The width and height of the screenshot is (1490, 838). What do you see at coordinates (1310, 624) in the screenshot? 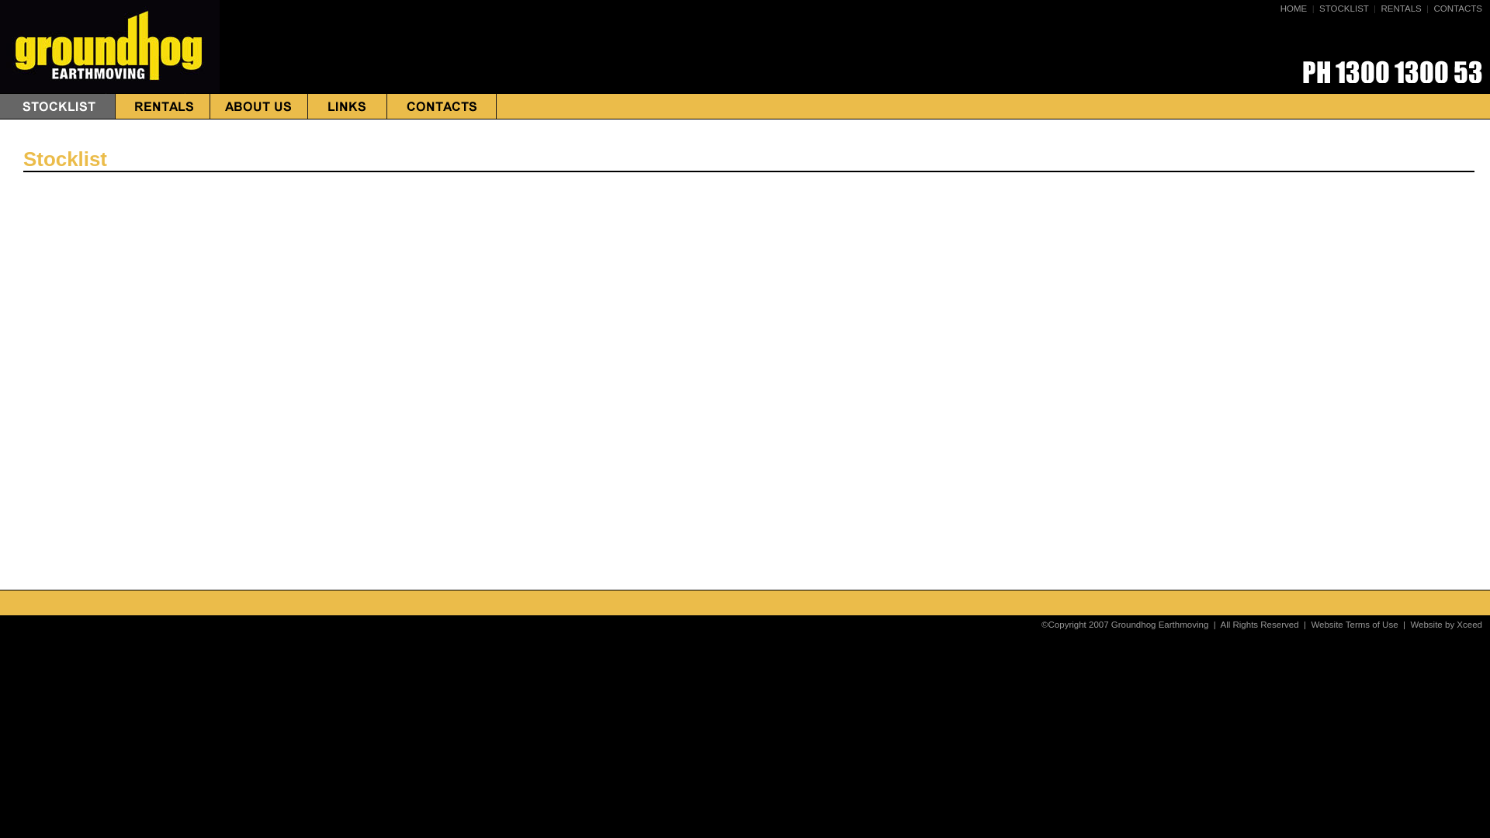
I see `'Website Terms of Use'` at bounding box center [1310, 624].